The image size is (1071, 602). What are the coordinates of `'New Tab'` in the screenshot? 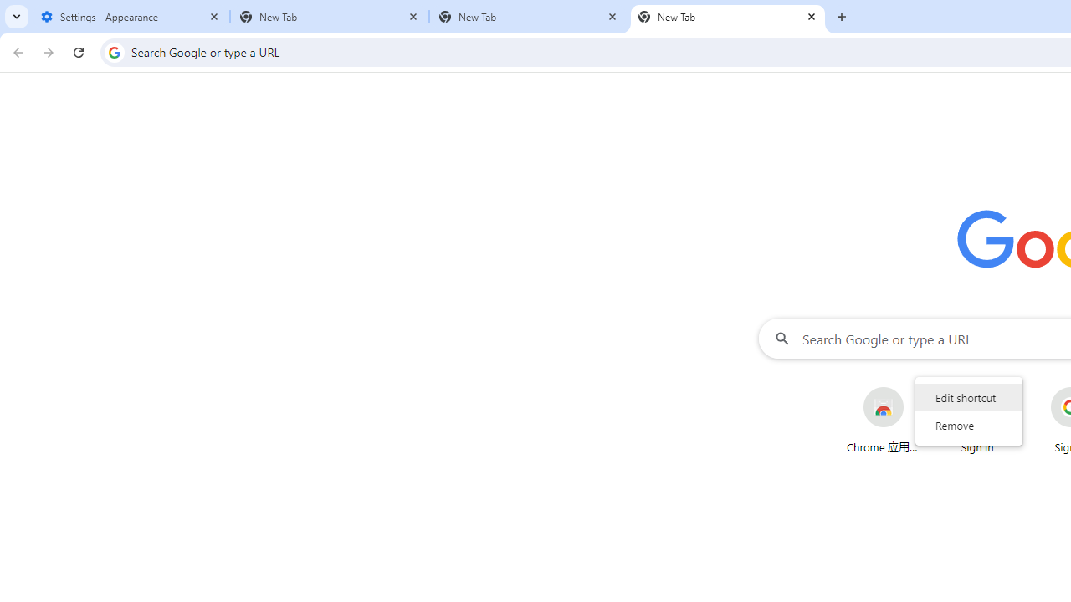 It's located at (728, 17).